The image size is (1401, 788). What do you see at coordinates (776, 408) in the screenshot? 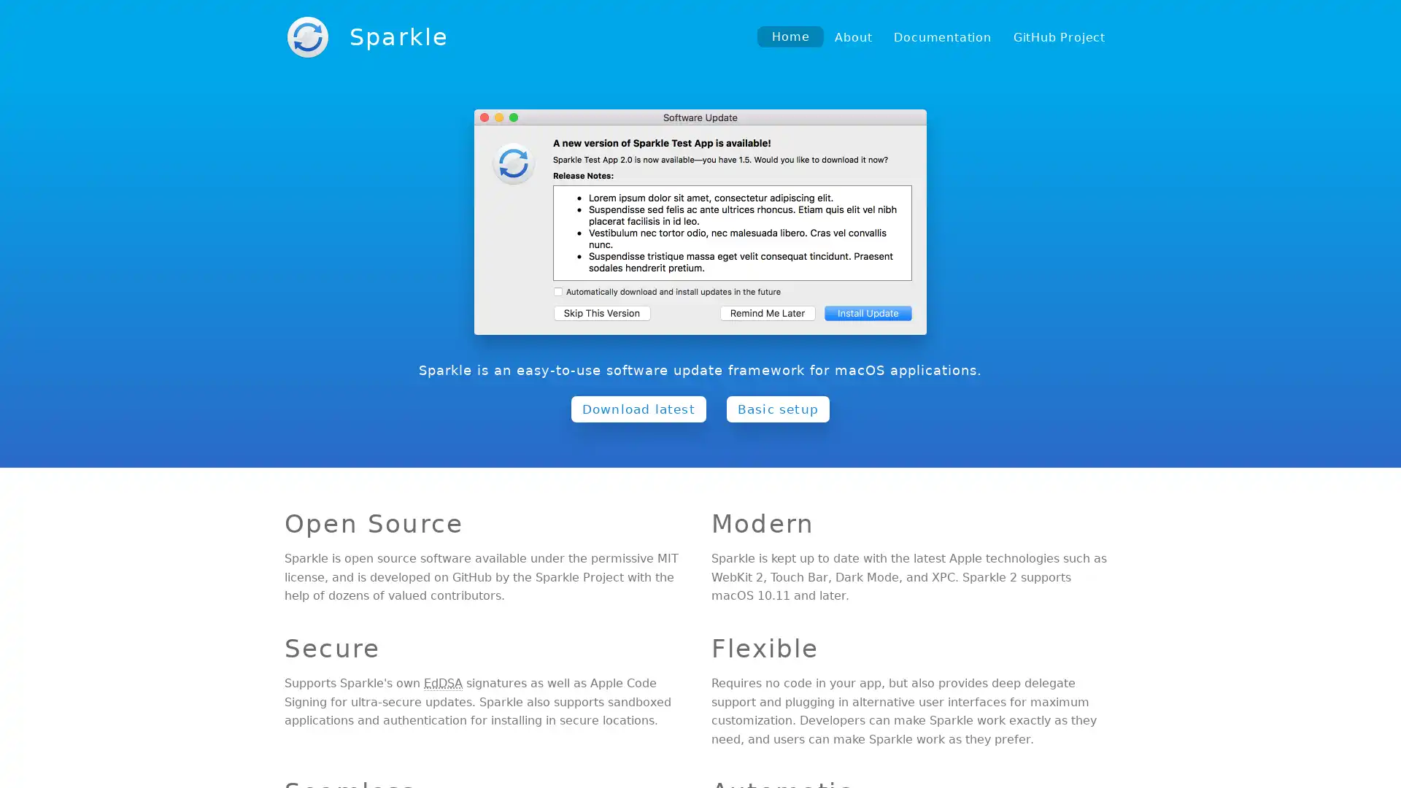
I see `Basic setup` at bounding box center [776, 408].